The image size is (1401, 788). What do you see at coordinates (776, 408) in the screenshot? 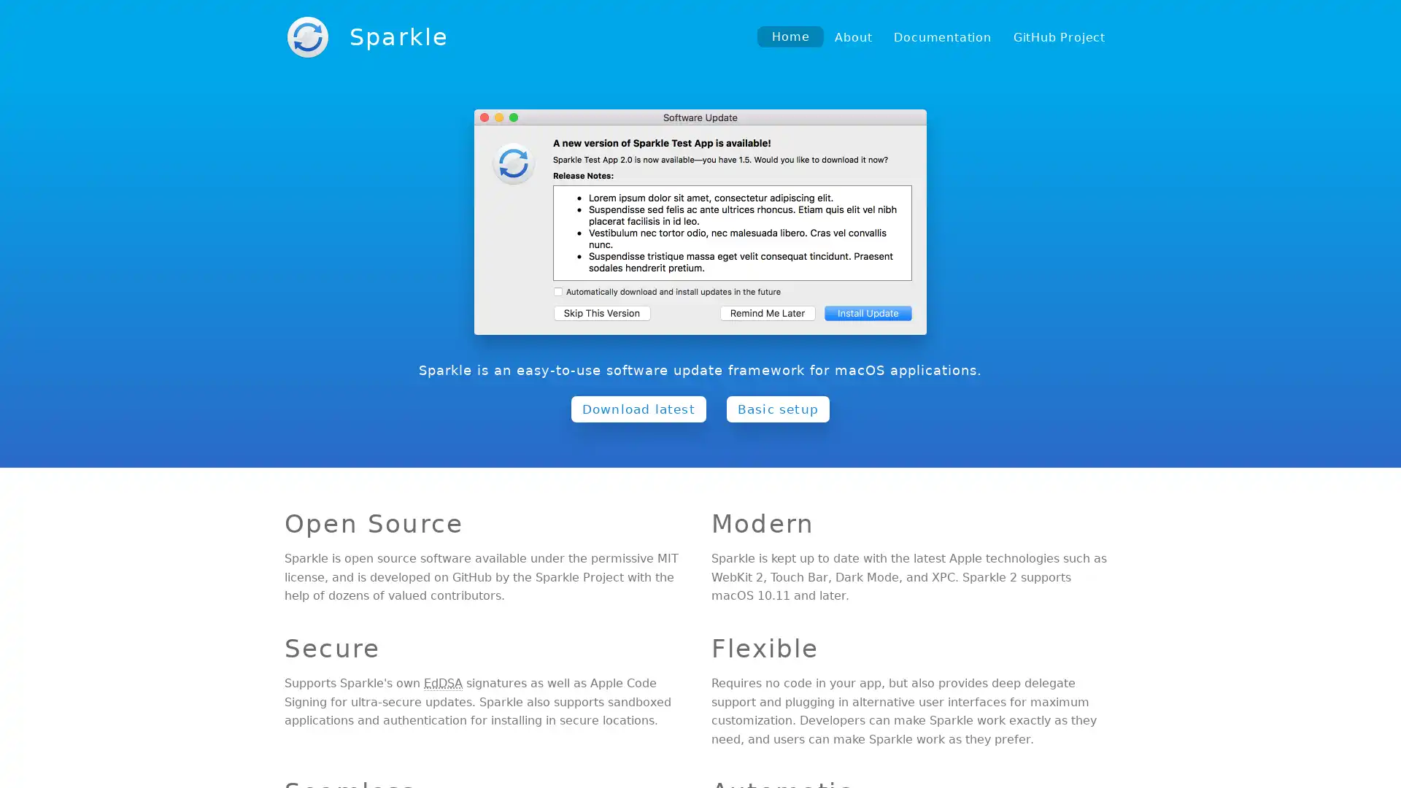
I see `Basic setup` at bounding box center [776, 408].